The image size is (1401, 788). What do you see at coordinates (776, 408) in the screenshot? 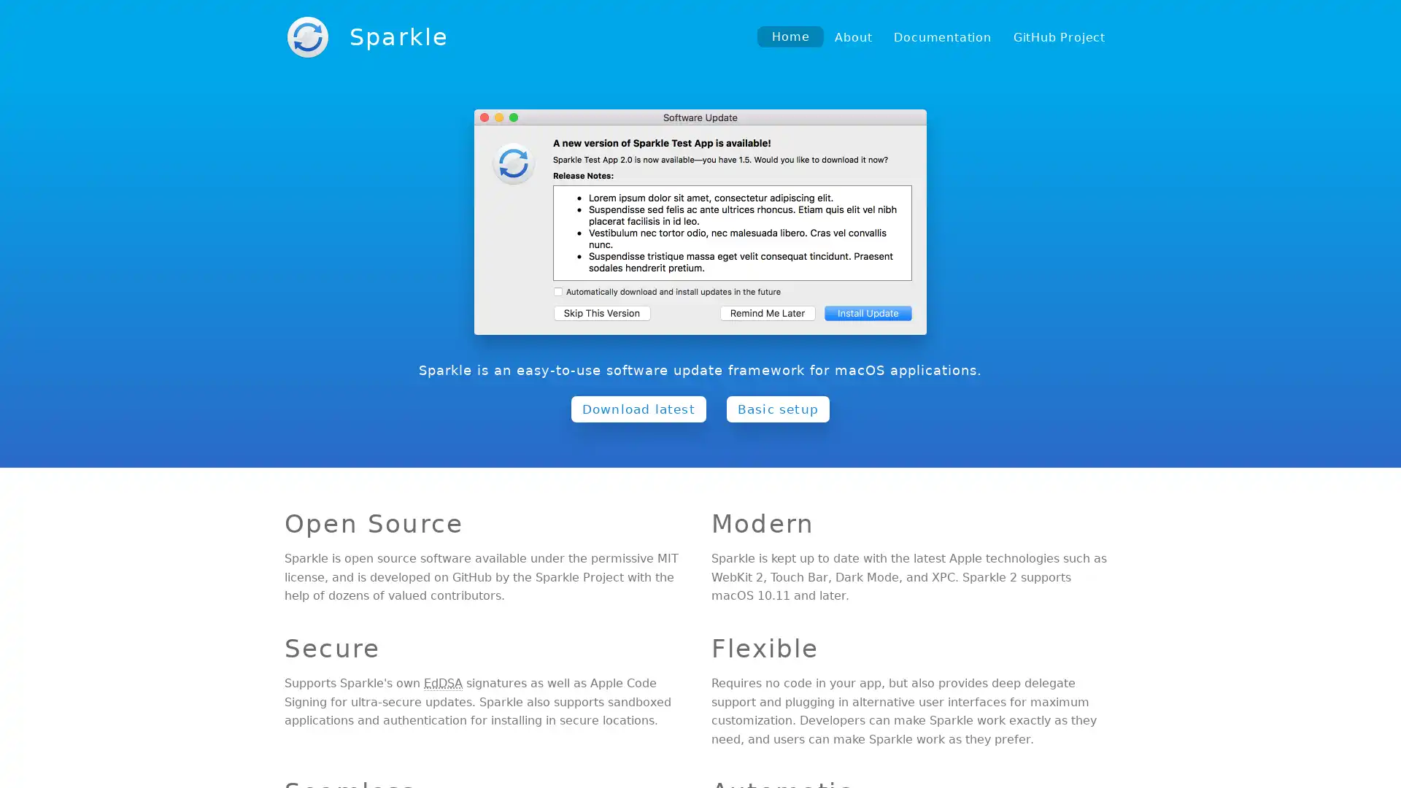
I see `Basic setup` at bounding box center [776, 408].